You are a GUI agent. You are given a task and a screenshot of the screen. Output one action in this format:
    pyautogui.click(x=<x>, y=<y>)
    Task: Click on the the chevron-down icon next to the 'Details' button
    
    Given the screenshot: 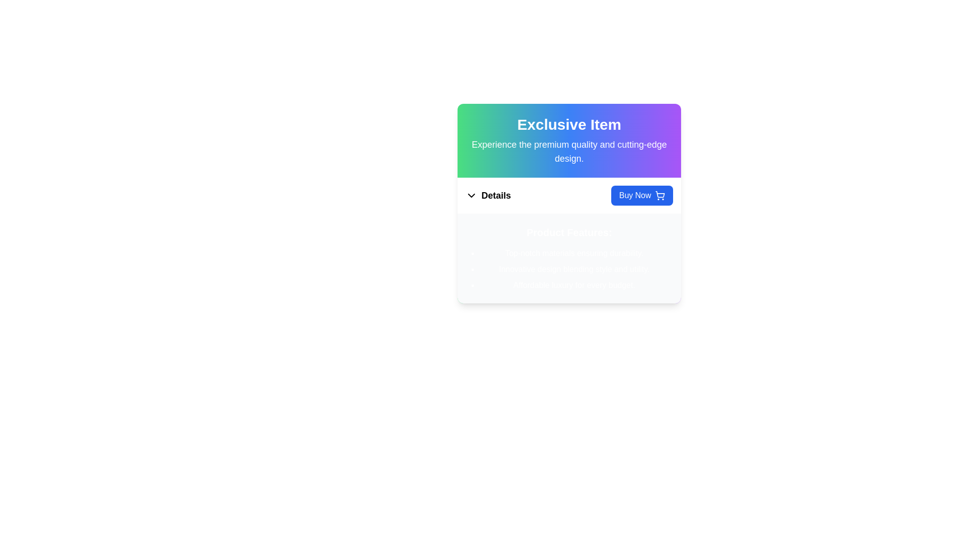 What is the action you would take?
    pyautogui.click(x=471, y=196)
    